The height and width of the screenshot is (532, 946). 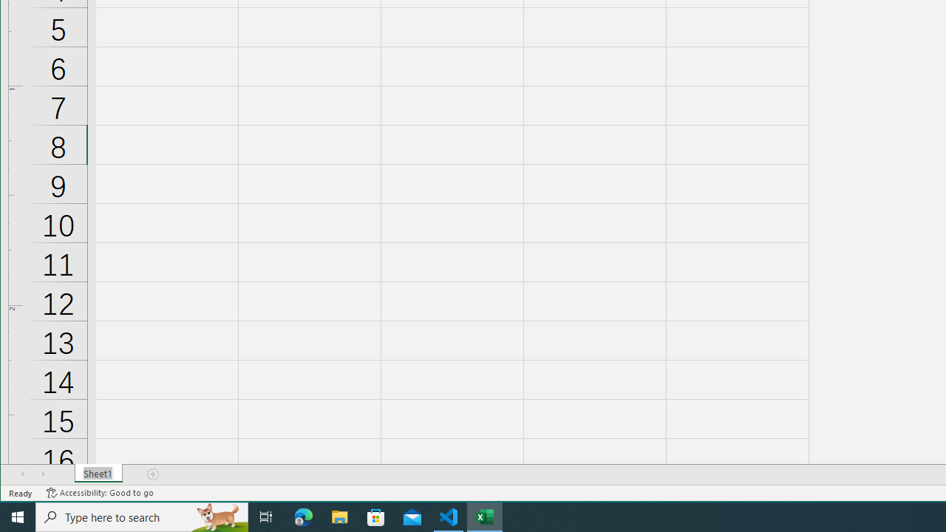 What do you see at coordinates (265, 516) in the screenshot?
I see `'Task View'` at bounding box center [265, 516].